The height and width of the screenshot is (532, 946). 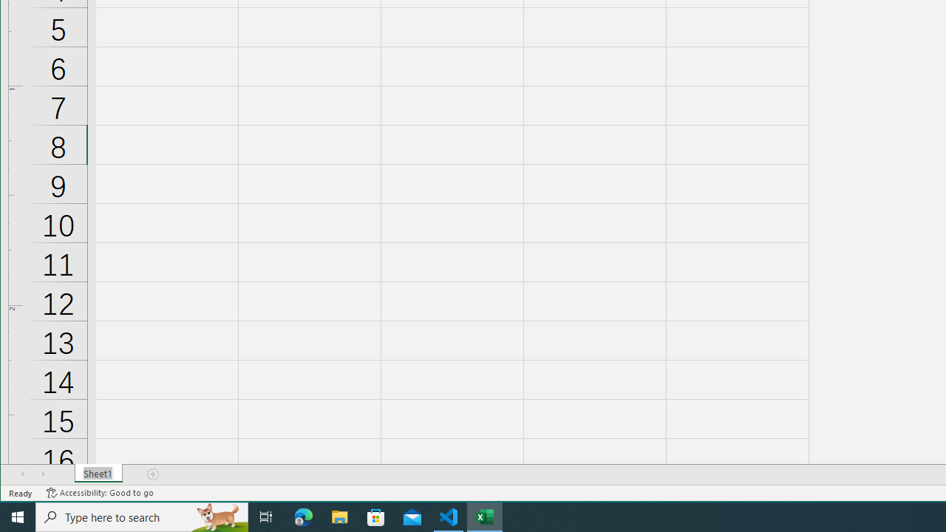 What do you see at coordinates (265, 516) in the screenshot?
I see `'Task View'` at bounding box center [265, 516].